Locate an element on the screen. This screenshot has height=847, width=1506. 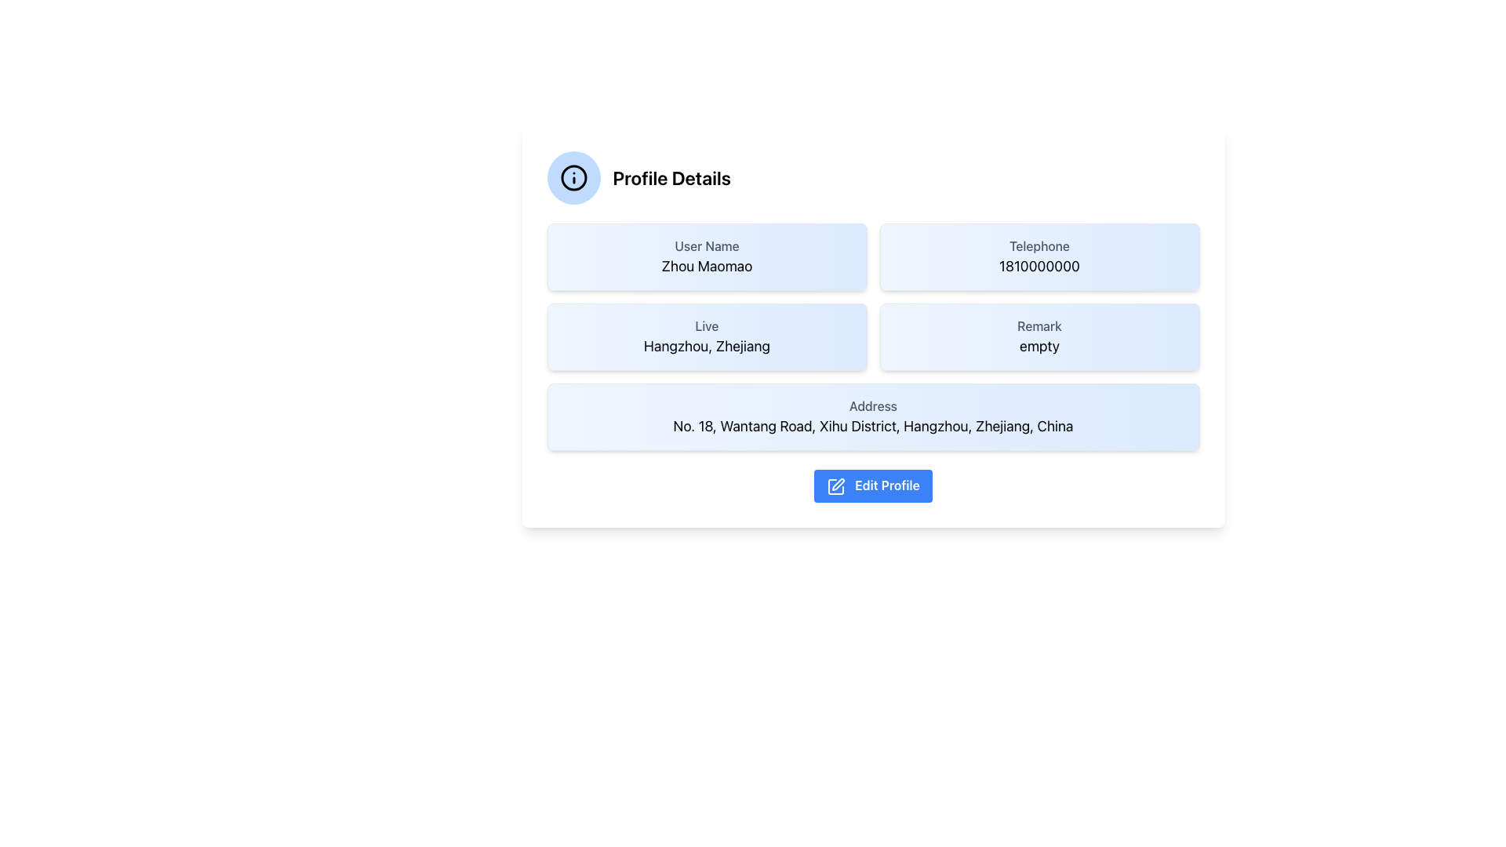
the Text Display Component that shows user address information, located at the bottom of the profile information grid layout is located at coordinates (872, 416).